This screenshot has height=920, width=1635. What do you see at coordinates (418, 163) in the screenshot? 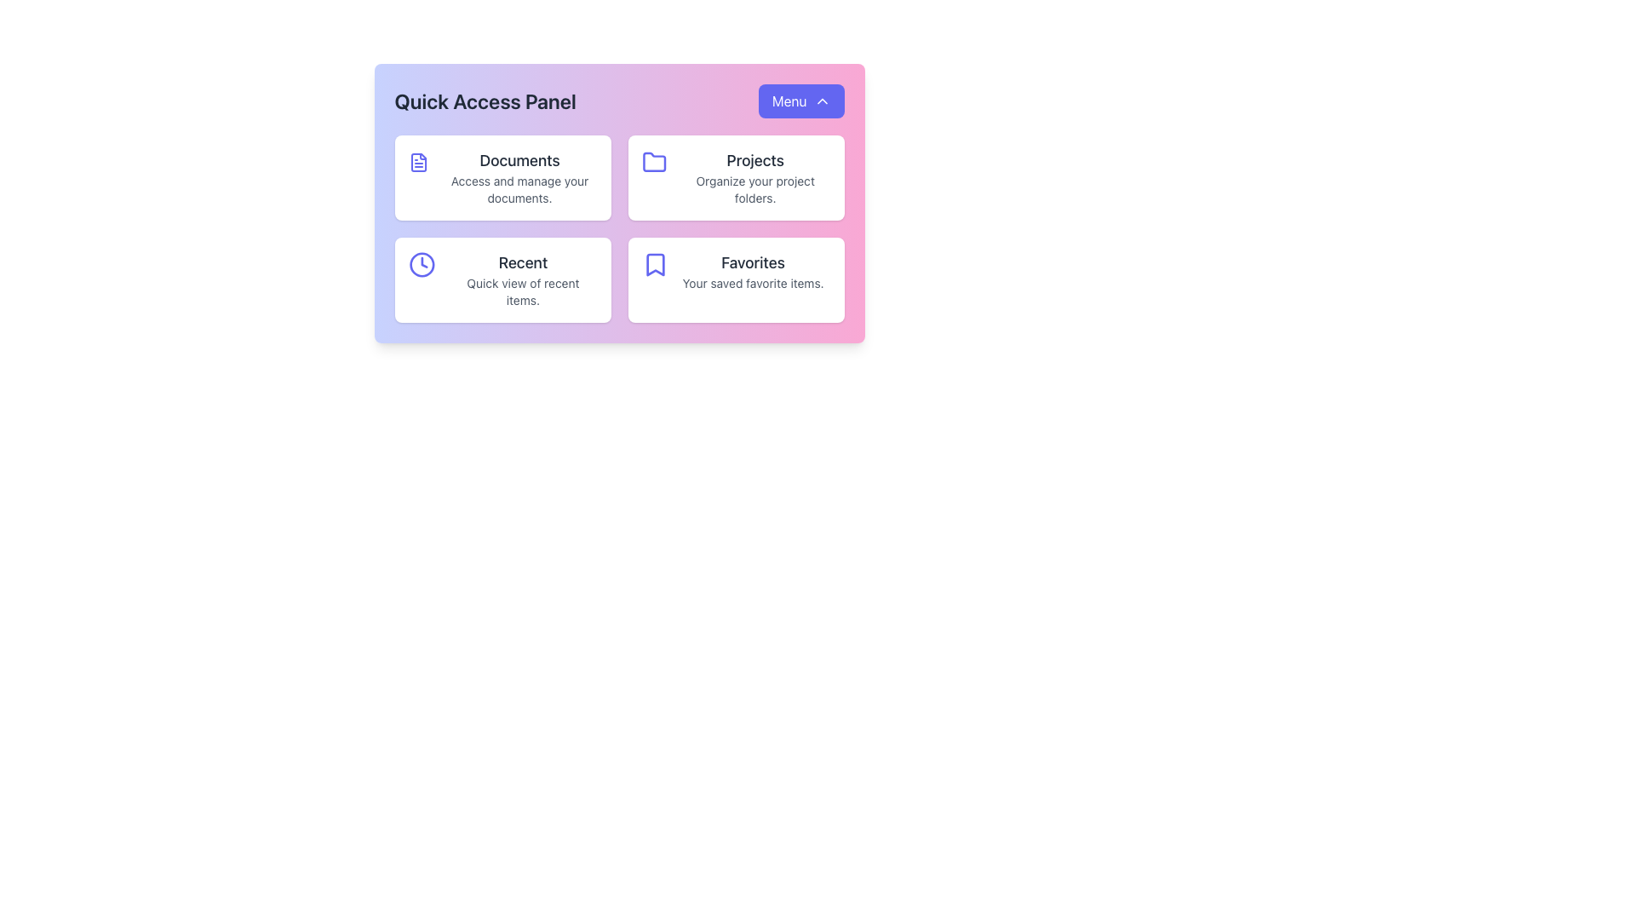
I see `the 'Documents' icon located at the top-left corner of its card in the grid layout` at bounding box center [418, 163].